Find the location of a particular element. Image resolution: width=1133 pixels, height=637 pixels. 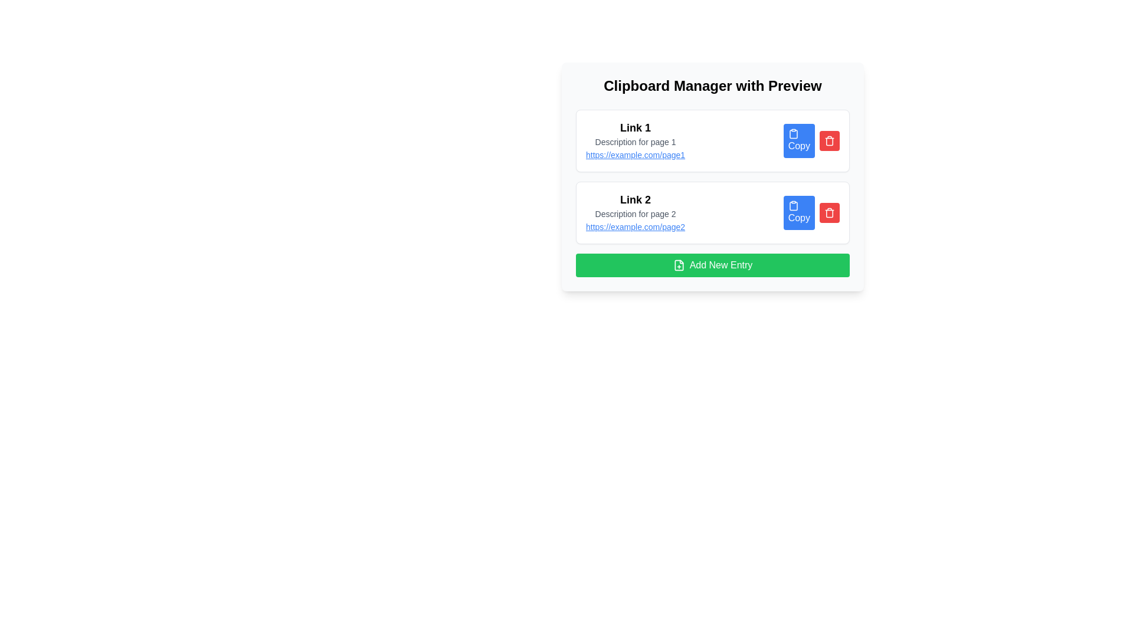

the 'Copy' button with a clipboard icon, which has a blue background and white text, located to the right of the 'Link 2' entry is located at coordinates (799, 213).